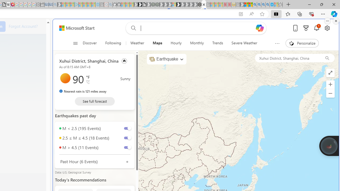 The height and width of the screenshot is (191, 340). I want to click on 'Bing Real Estate - Home sales and rental listings - Sleeping', so click(55, 5).